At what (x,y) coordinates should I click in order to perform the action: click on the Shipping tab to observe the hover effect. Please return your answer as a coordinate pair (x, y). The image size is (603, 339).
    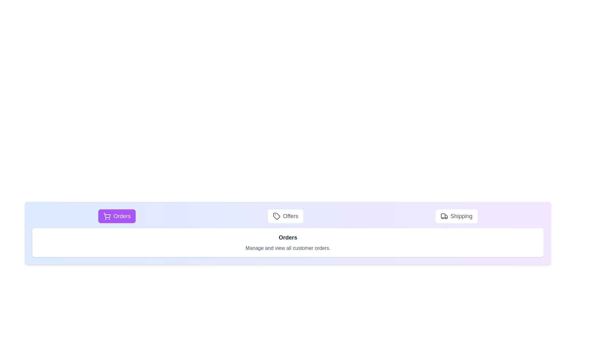
    Looking at the image, I should click on (456, 216).